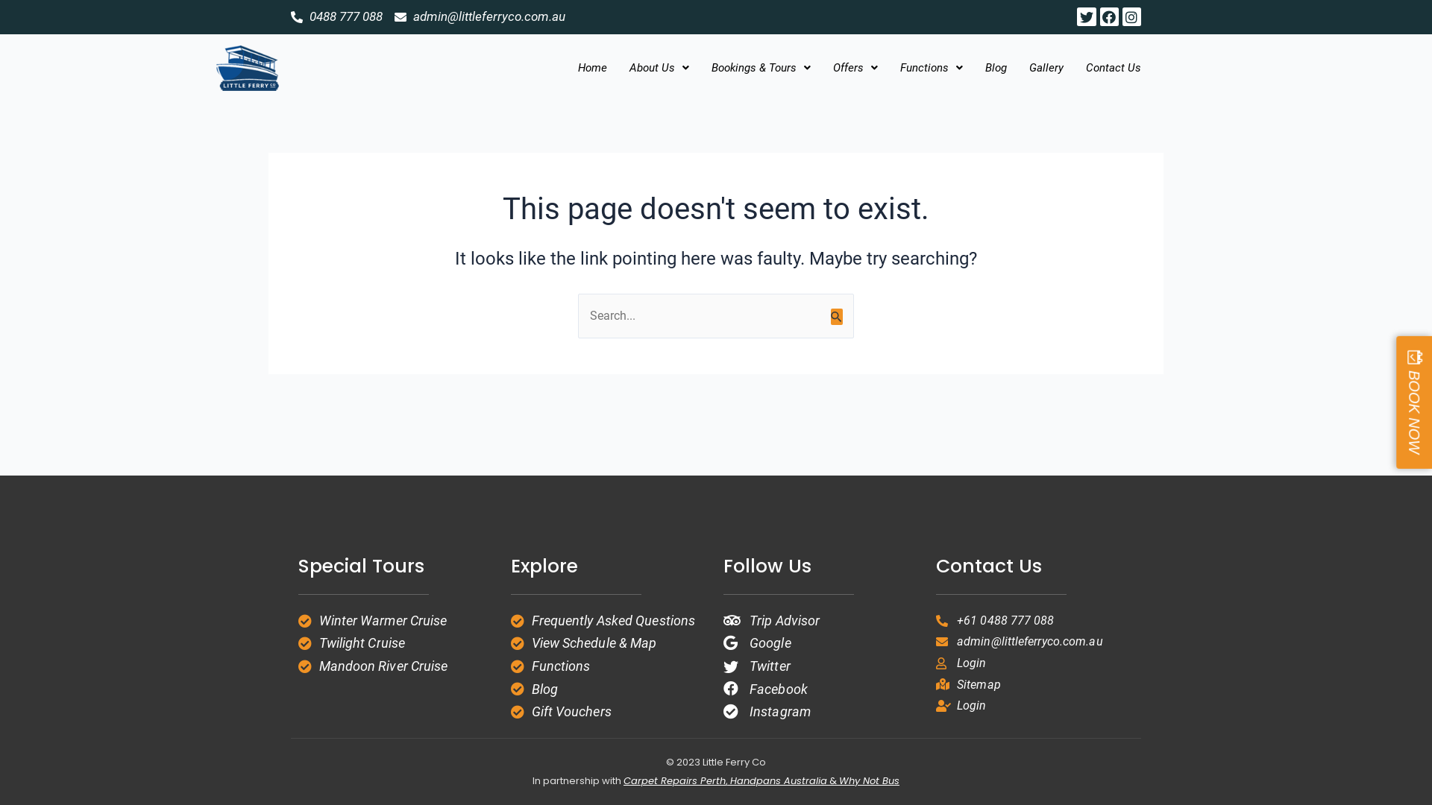 The image size is (1432, 805). Describe the element at coordinates (298, 621) in the screenshot. I see `'Winter Warmer Cruise'` at that location.